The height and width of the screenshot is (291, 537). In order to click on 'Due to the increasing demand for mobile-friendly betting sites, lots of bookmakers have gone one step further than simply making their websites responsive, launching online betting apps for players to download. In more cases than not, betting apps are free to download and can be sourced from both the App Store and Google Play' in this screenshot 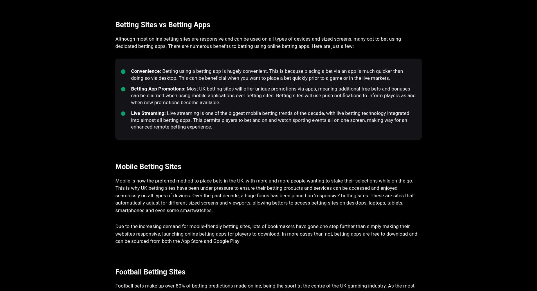, I will do `click(266, 234)`.